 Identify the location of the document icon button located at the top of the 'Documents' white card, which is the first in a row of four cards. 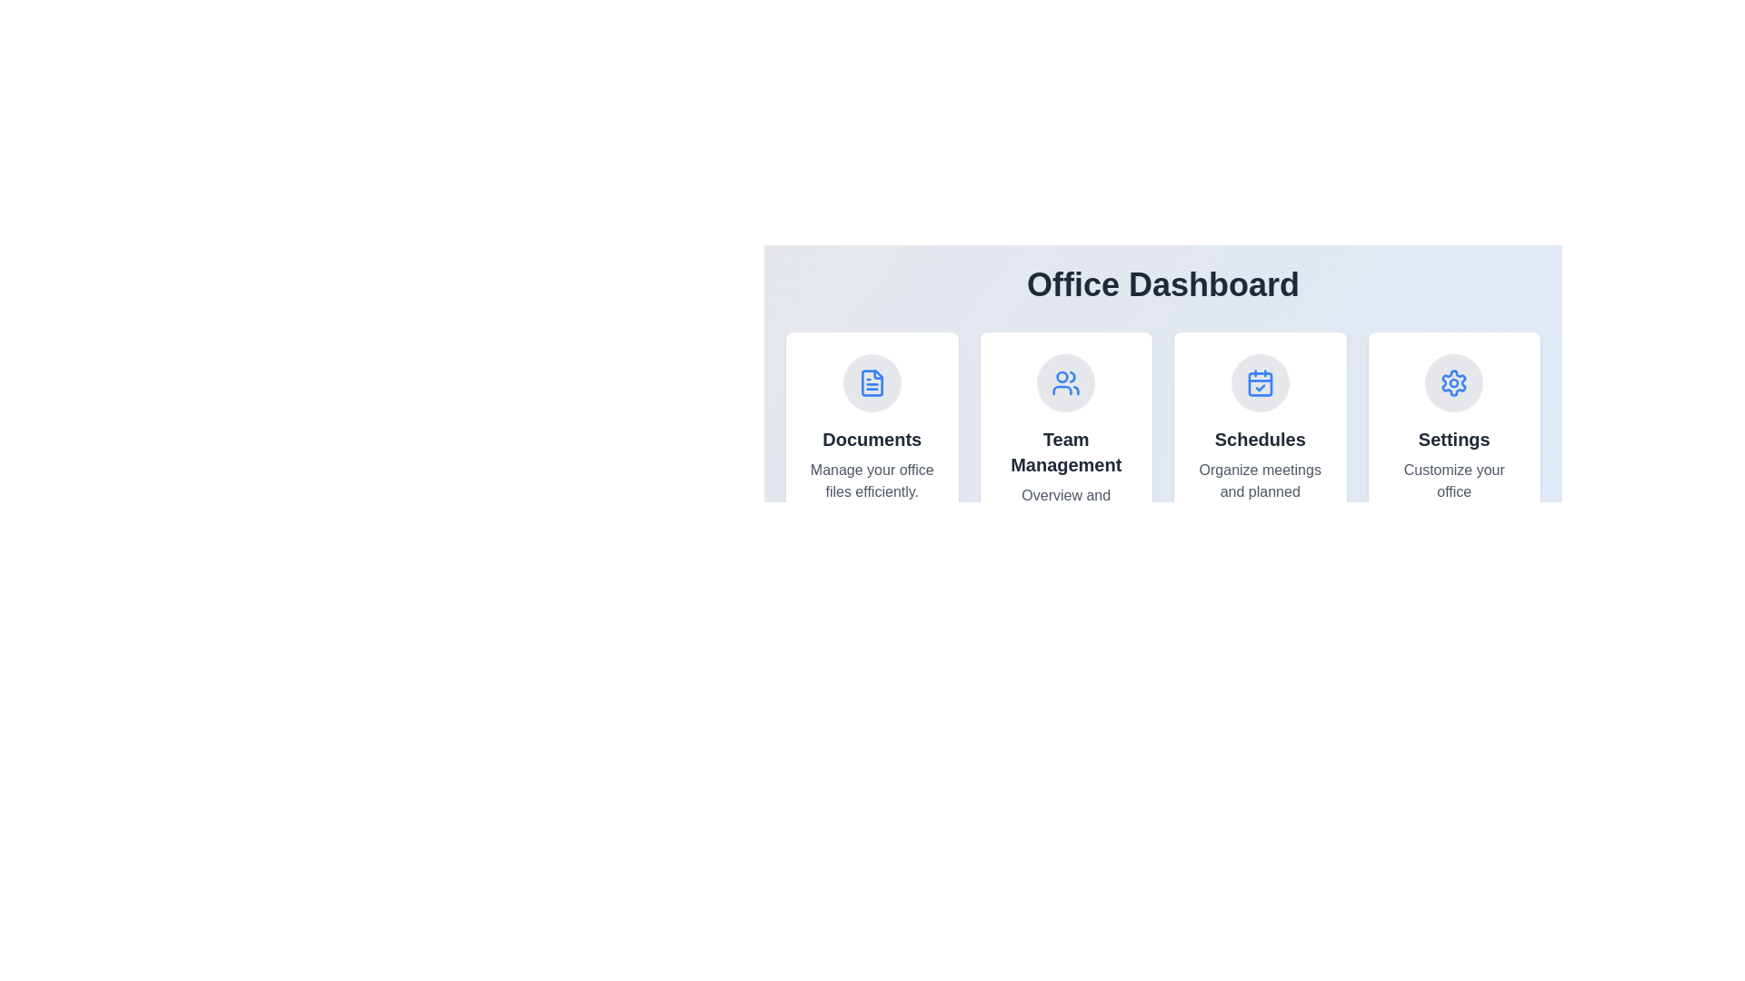
(871, 381).